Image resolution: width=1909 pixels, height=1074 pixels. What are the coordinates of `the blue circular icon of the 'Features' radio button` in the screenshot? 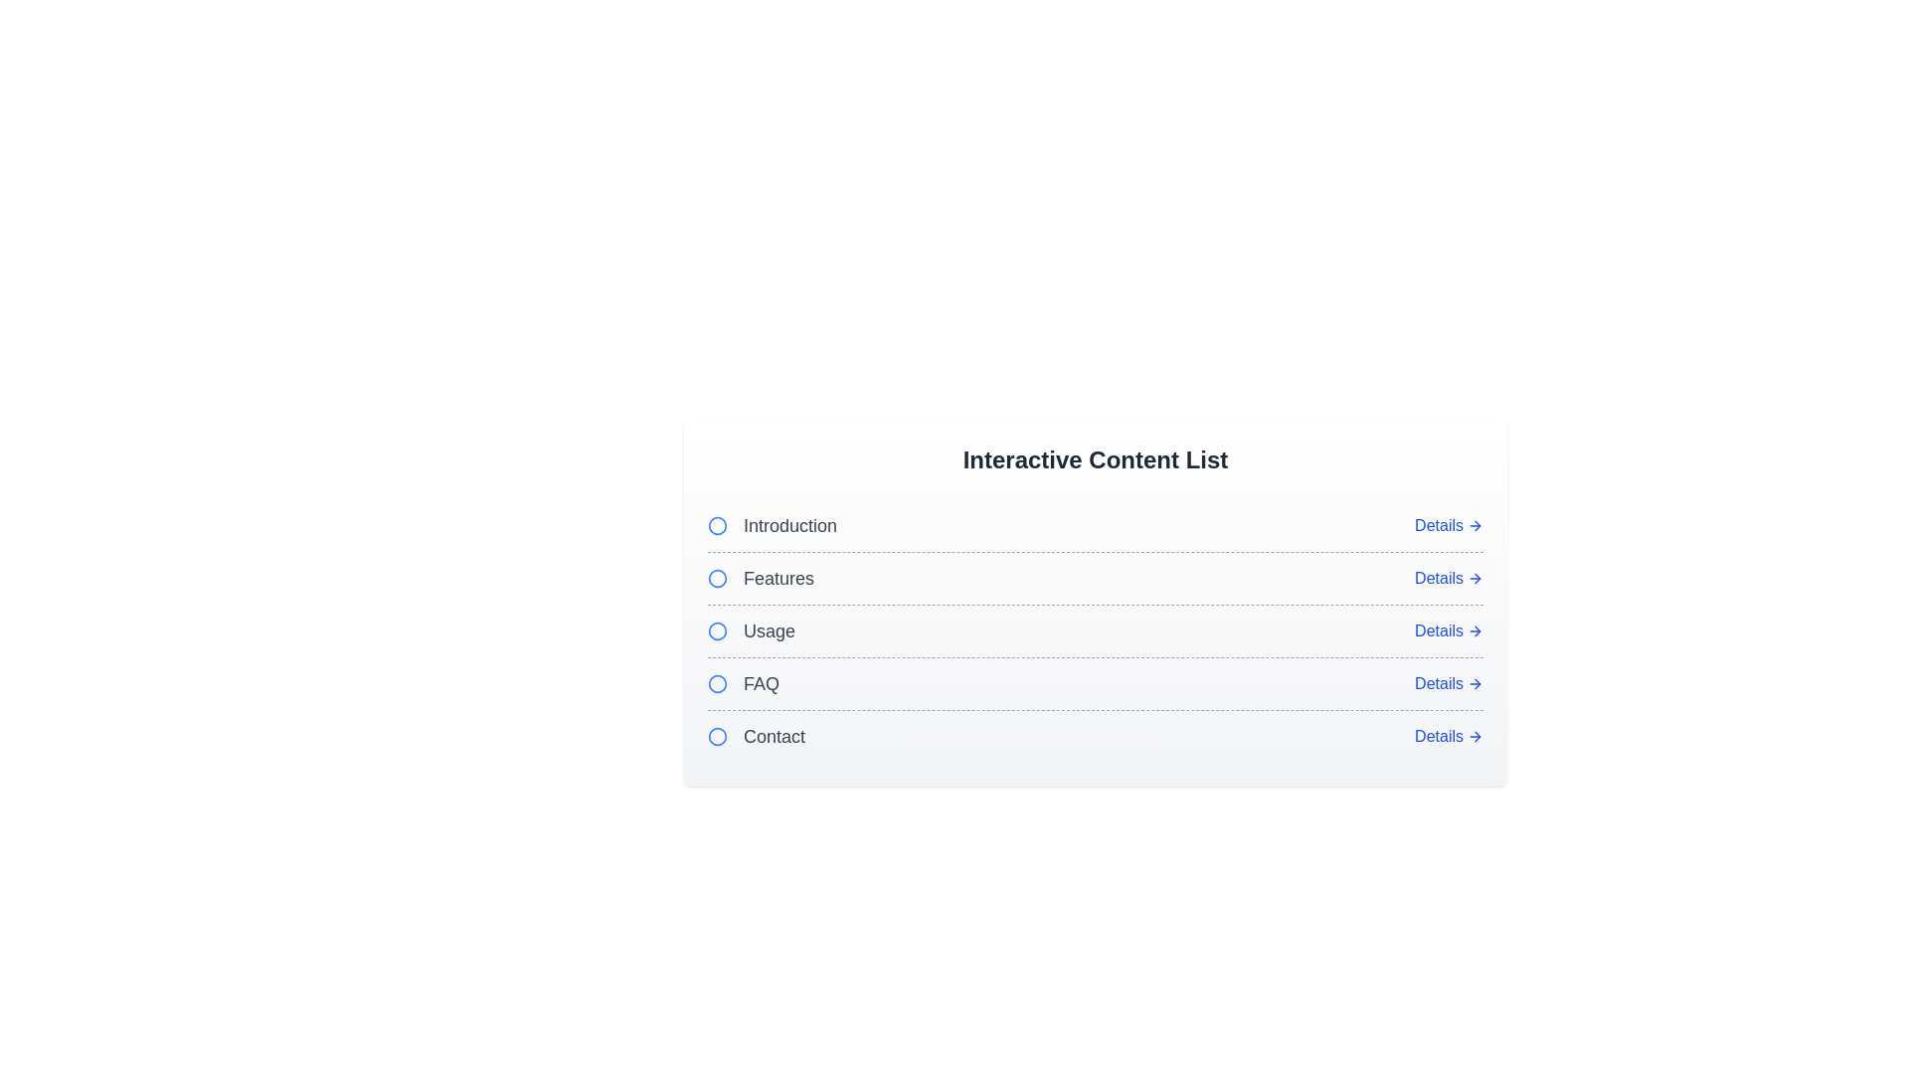 It's located at (760, 579).